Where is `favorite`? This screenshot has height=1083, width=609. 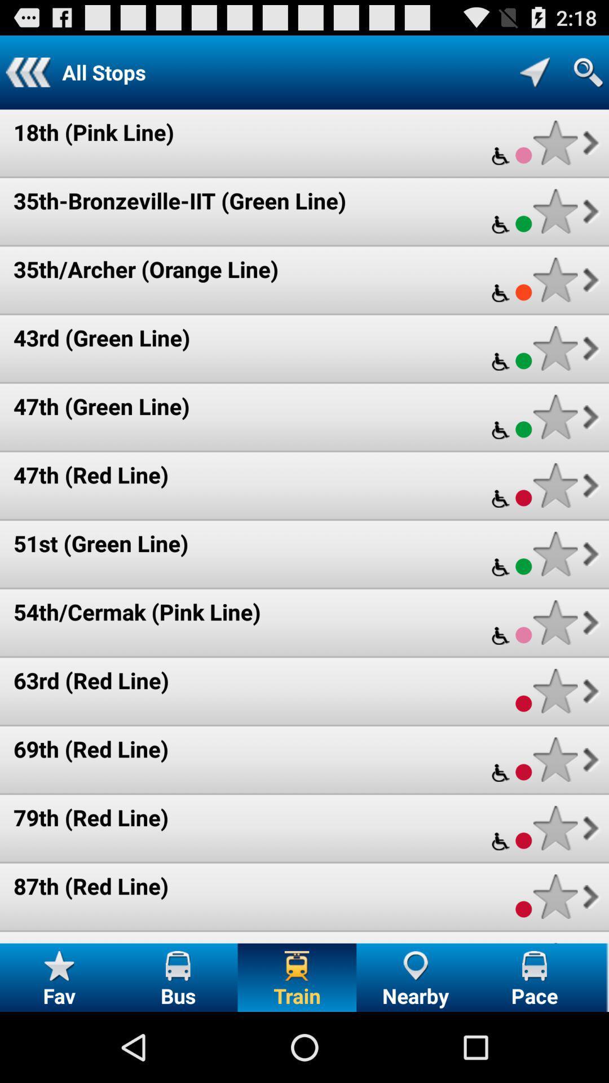 favorite is located at coordinates (555, 280).